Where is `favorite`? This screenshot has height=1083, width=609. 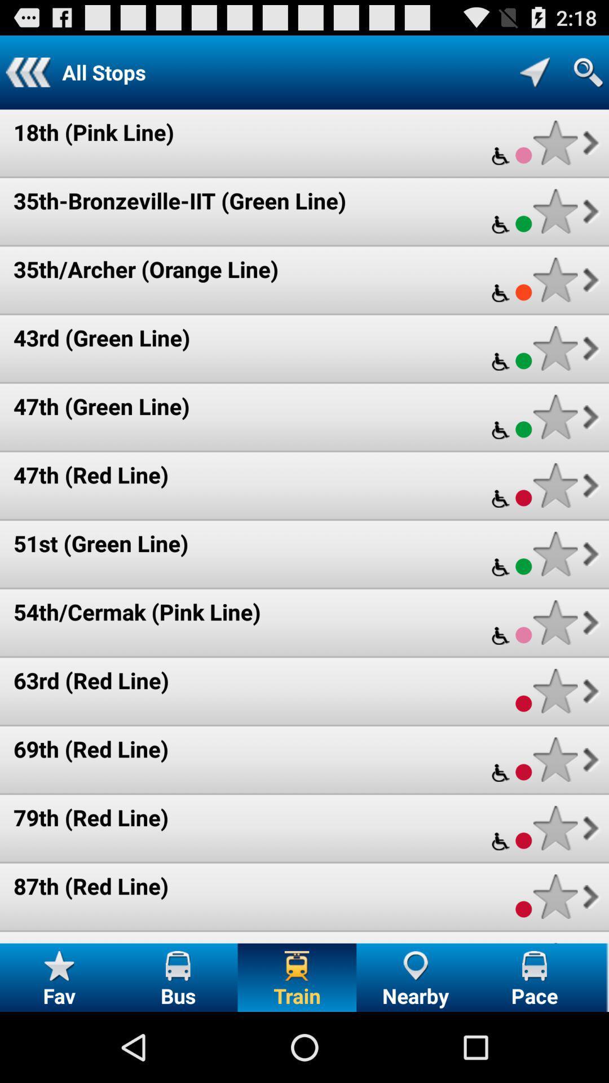 favorite is located at coordinates (555, 280).